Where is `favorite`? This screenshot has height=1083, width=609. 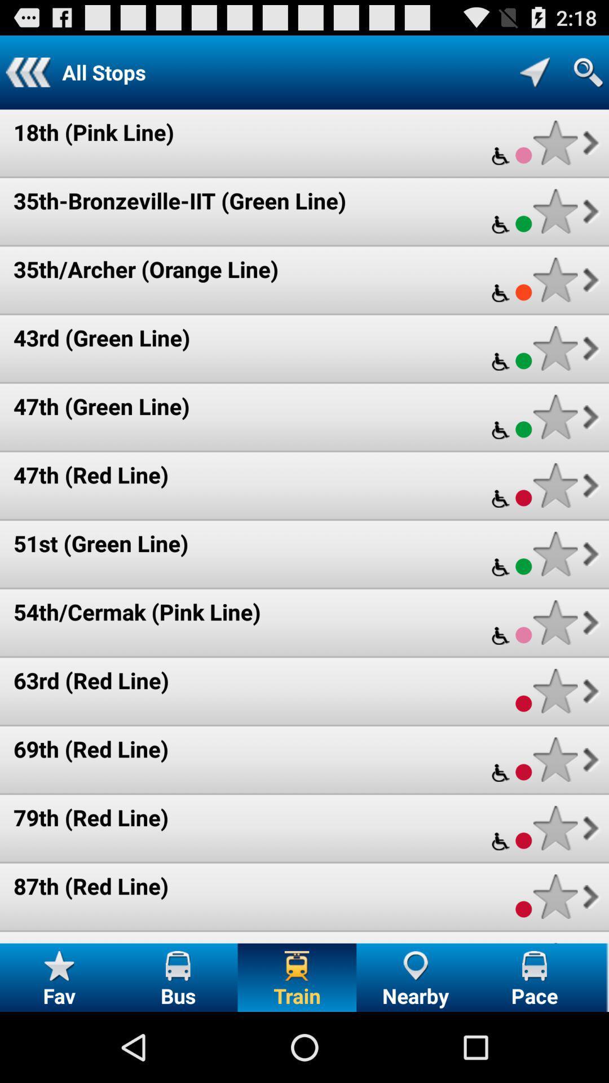 favorite is located at coordinates (555, 280).